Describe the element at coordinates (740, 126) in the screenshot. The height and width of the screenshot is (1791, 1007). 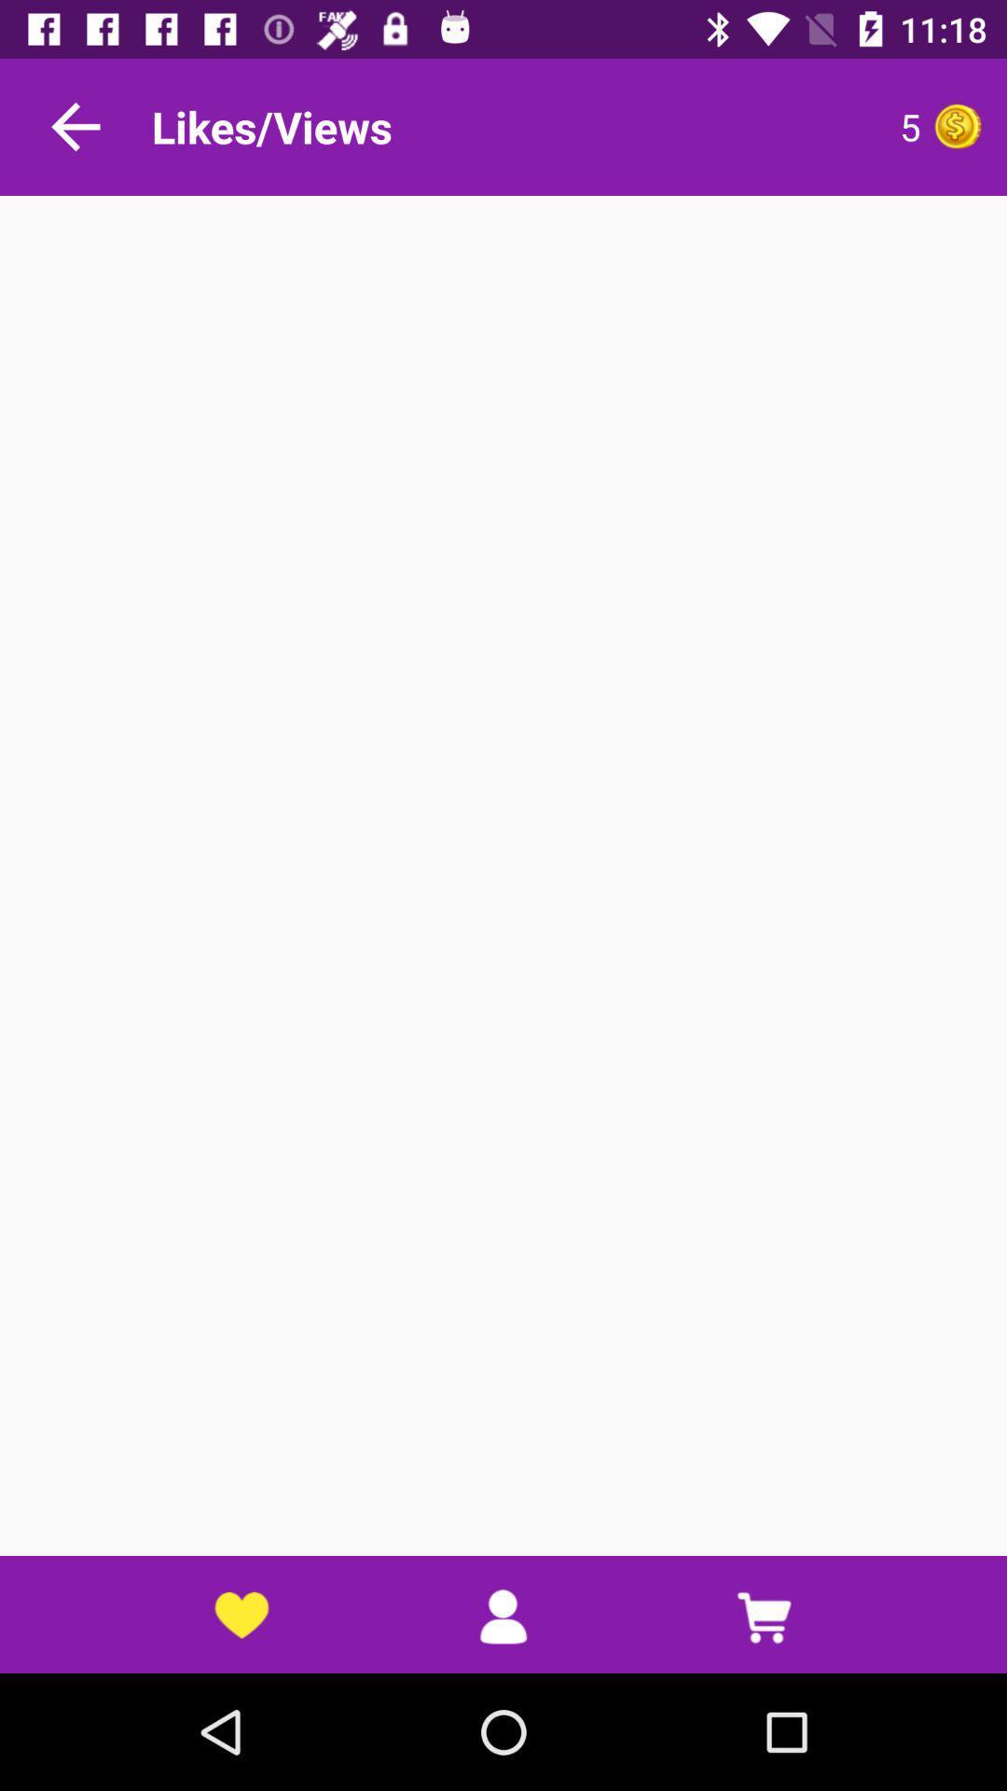
I see `item to the right of likes/views item` at that location.